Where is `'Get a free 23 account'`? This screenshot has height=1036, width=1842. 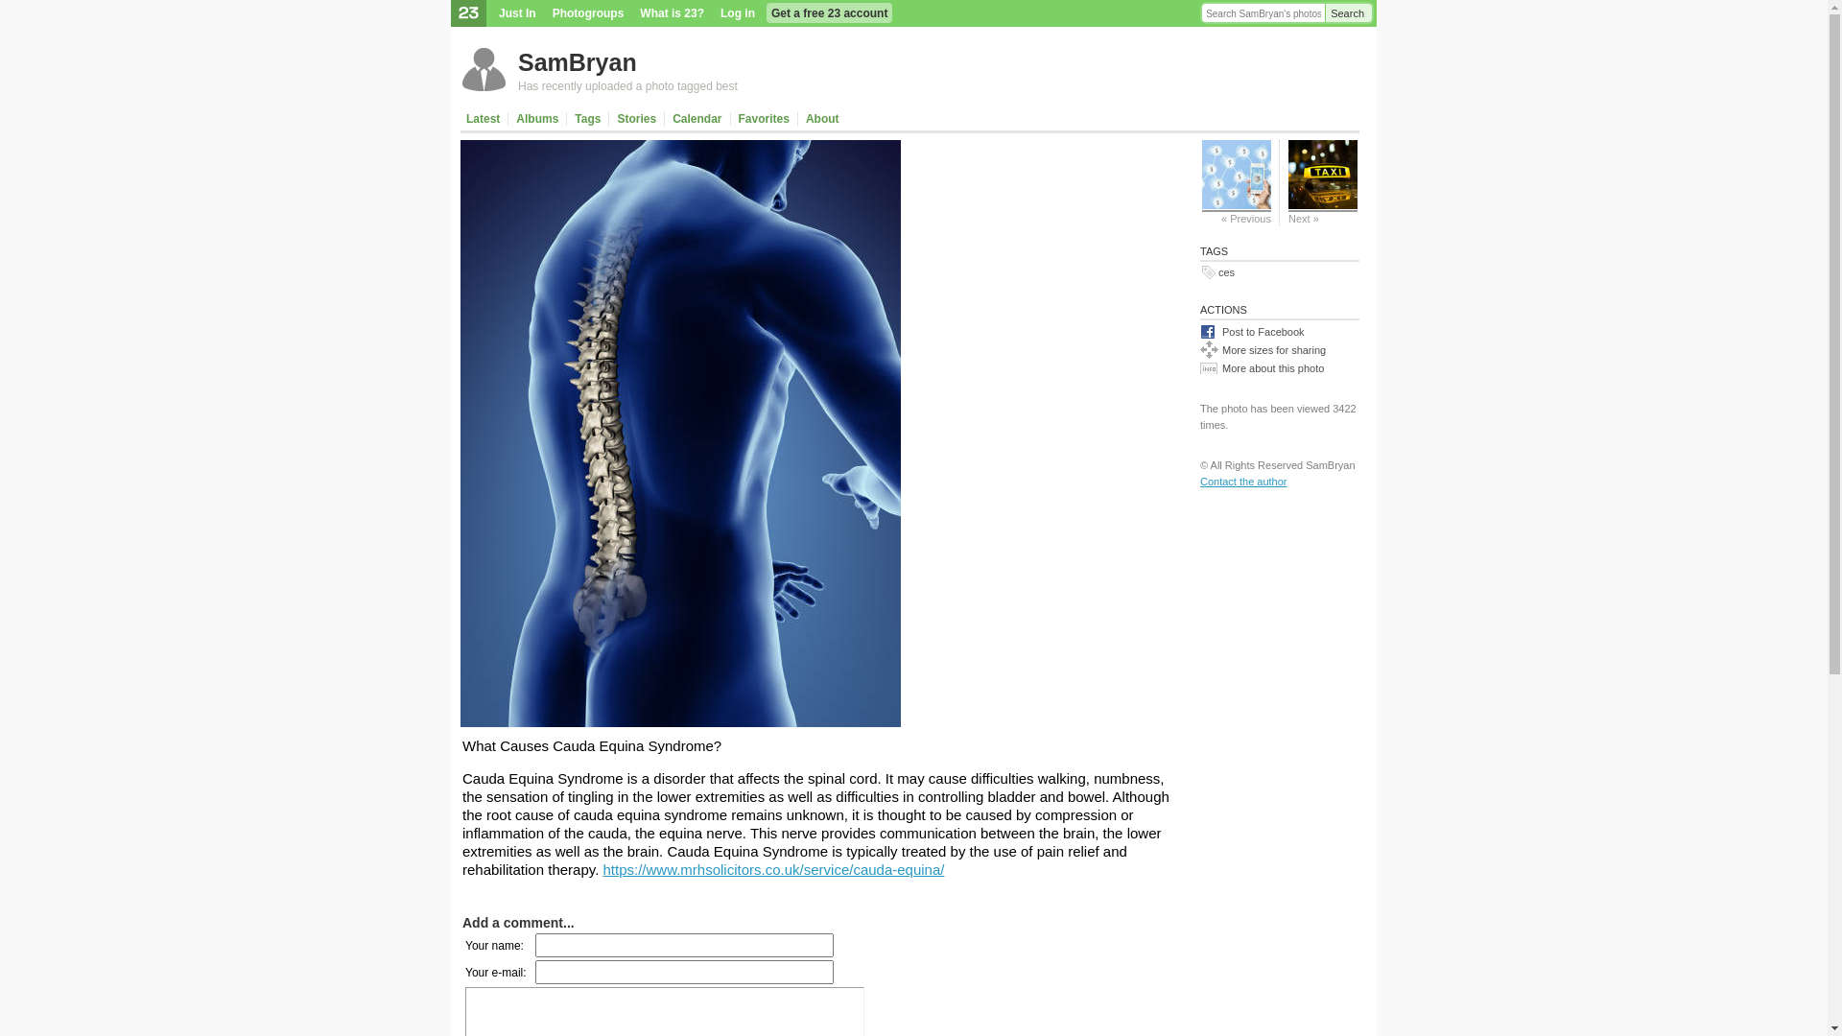
'Get a free 23 account' is located at coordinates (829, 13).